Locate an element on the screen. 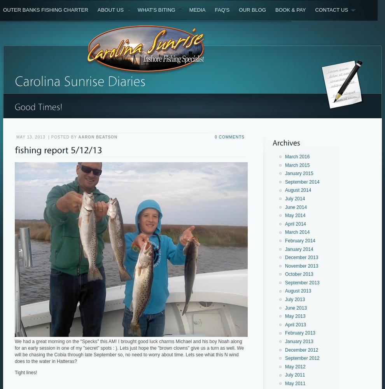 The height and width of the screenshot is (389, 385). 'May 13, 2013' is located at coordinates (16, 137).